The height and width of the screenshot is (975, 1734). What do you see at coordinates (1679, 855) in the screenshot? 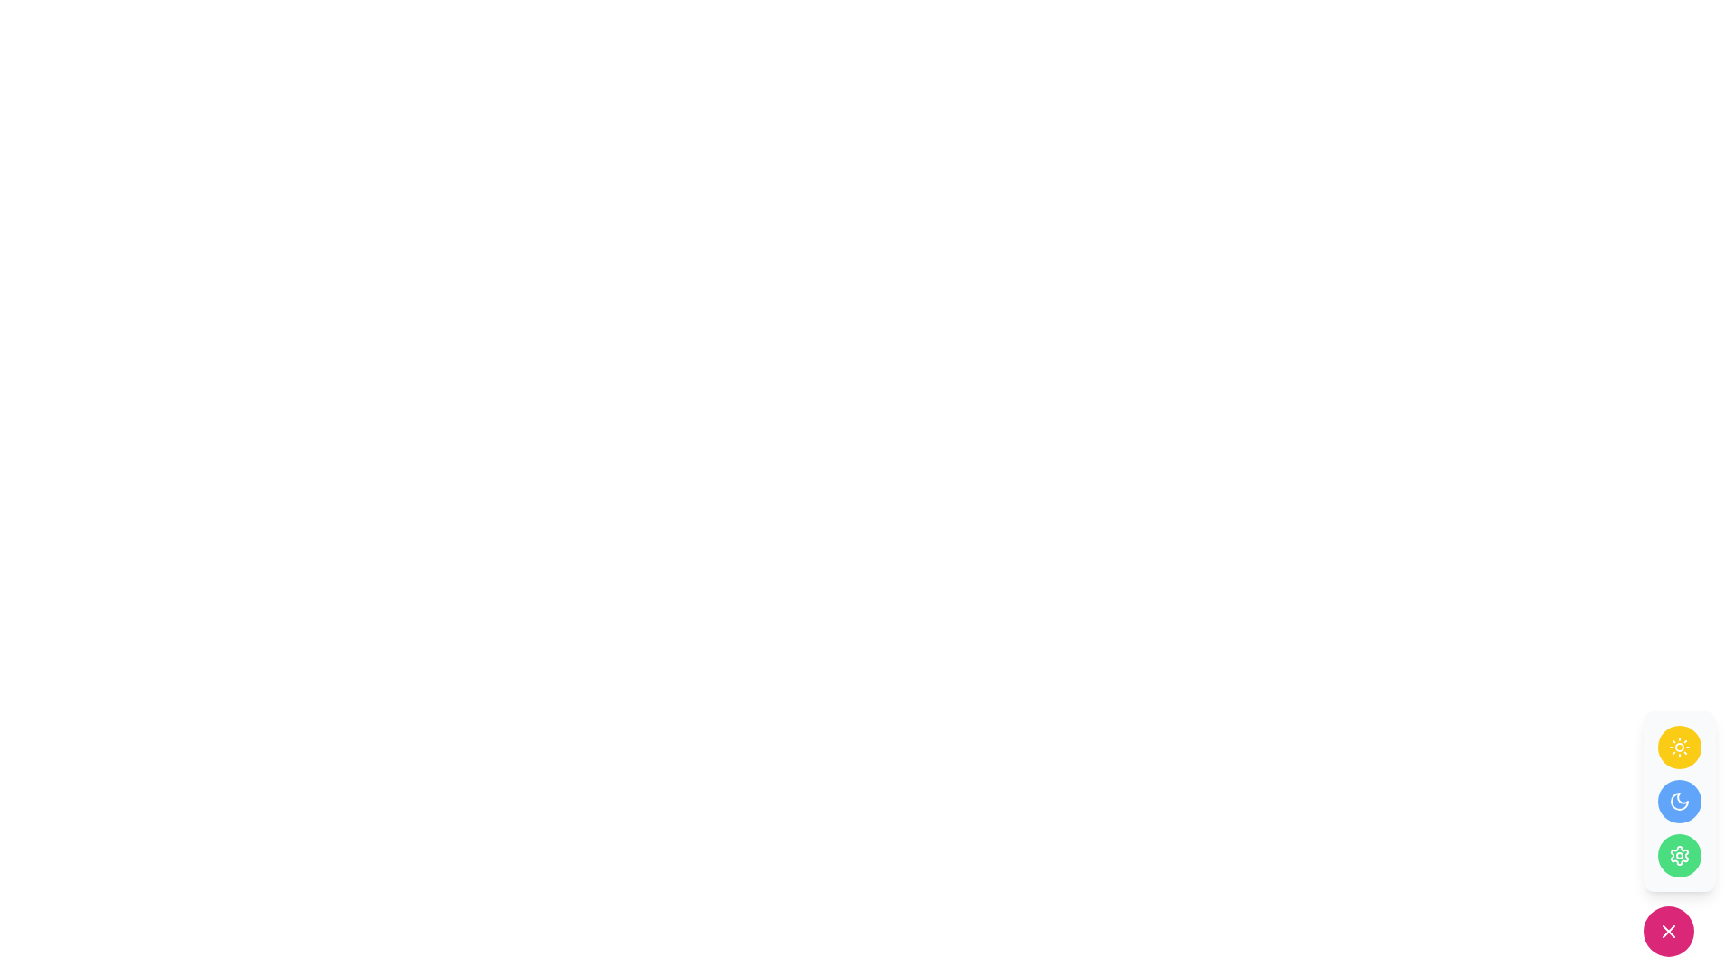
I see `the circular green button with a white gear icon at the bottom of the vertical stack` at bounding box center [1679, 855].